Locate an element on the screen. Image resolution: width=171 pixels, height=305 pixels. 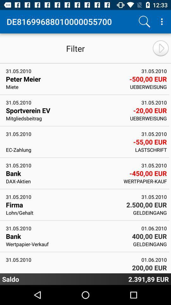
the app below the sportverein ev item is located at coordinates (66, 118).